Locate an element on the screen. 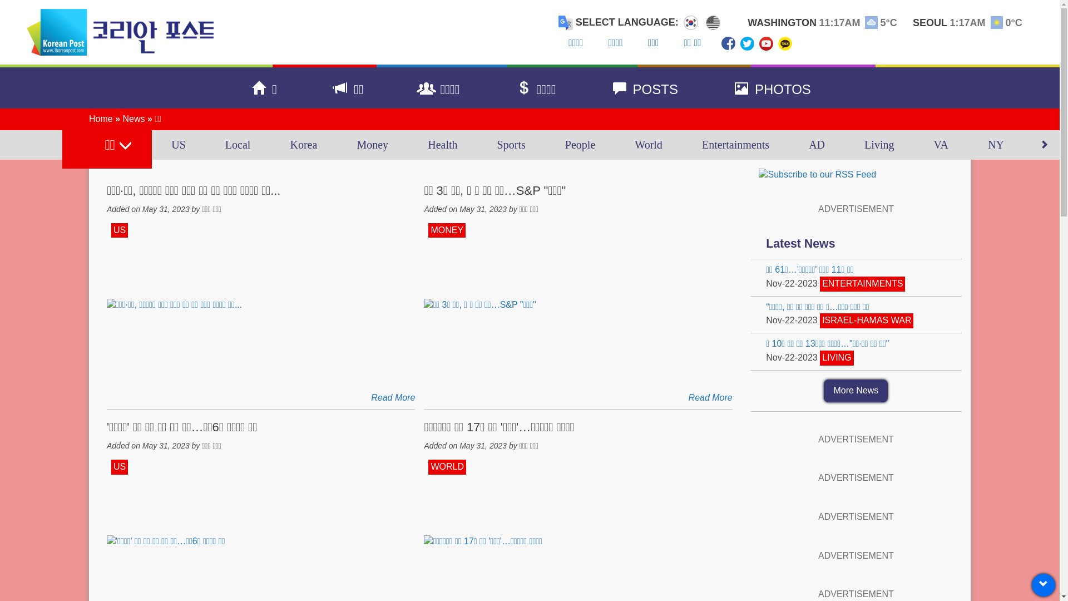 The width and height of the screenshot is (1068, 601). 'Select Language Korean' is located at coordinates (690, 23).